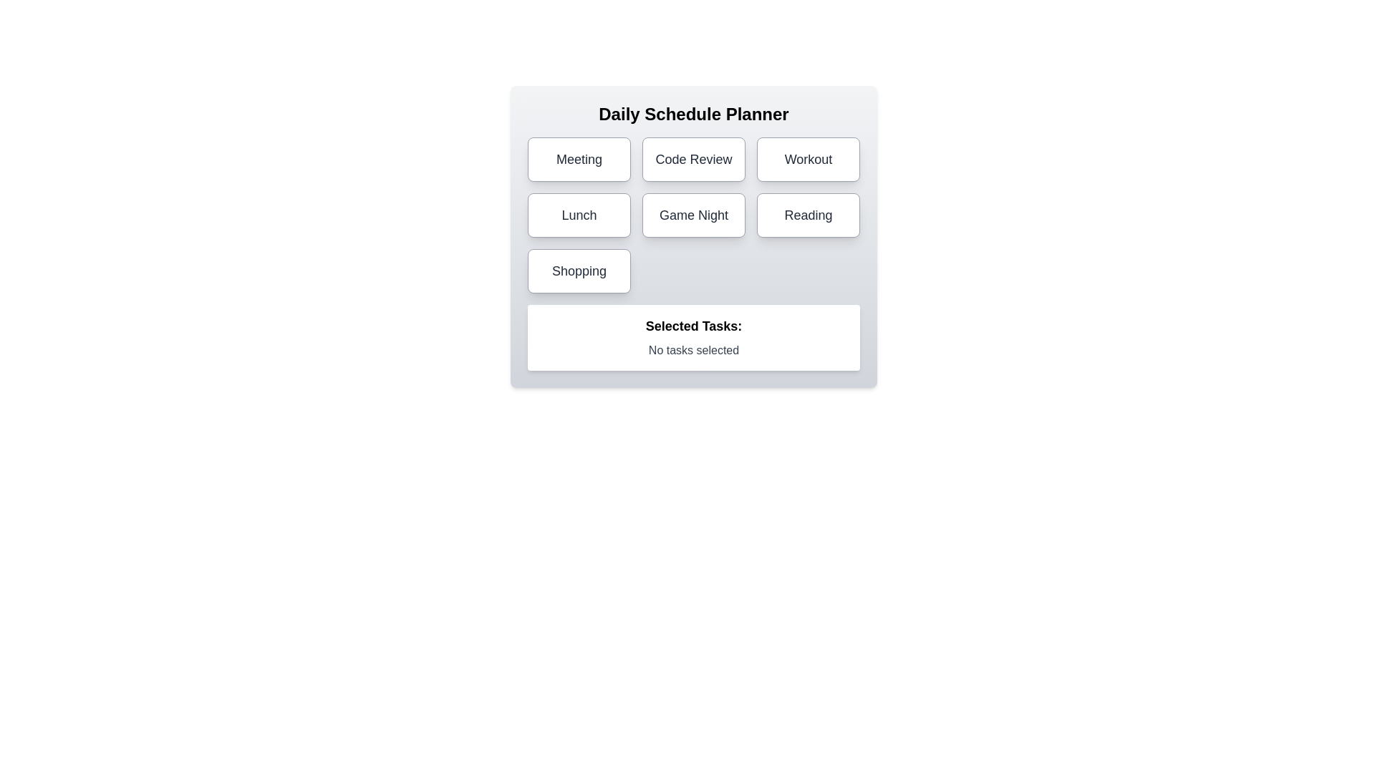 Image resolution: width=1375 pixels, height=773 pixels. What do you see at coordinates (694, 160) in the screenshot?
I see `the button corresponding to Code Review` at bounding box center [694, 160].